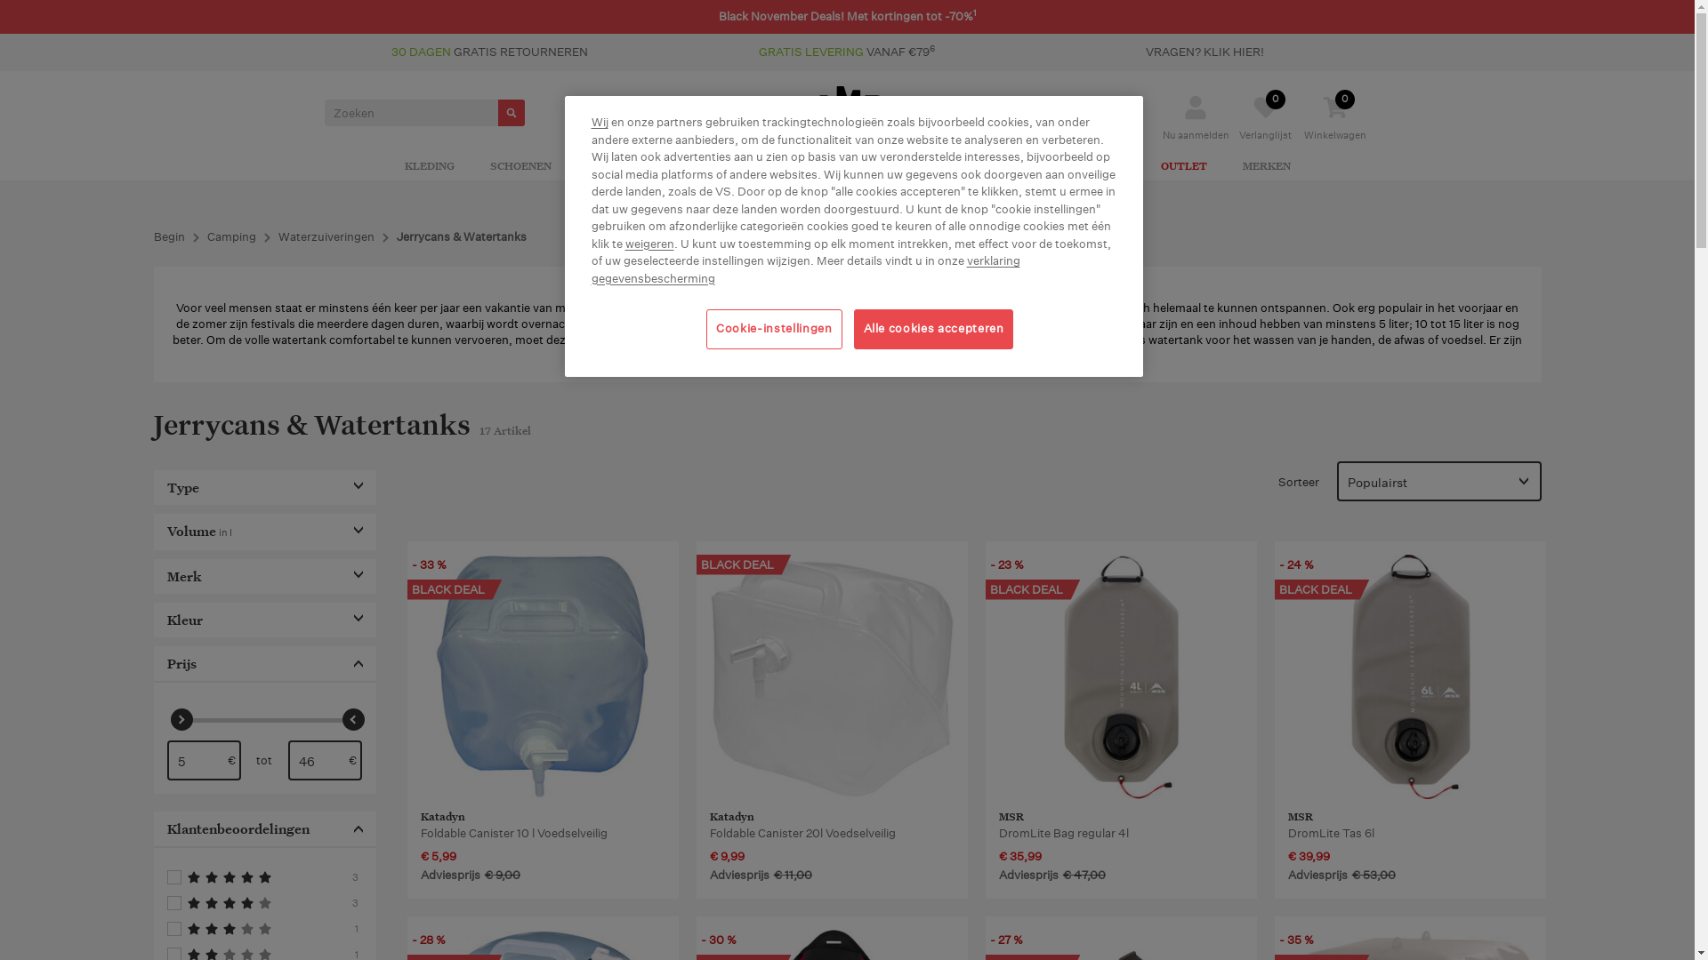 The width and height of the screenshot is (1708, 960). What do you see at coordinates (396, 236) in the screenshot?
I see `'Jerrycans & Watertanks'` at bounding box center [396, 236].